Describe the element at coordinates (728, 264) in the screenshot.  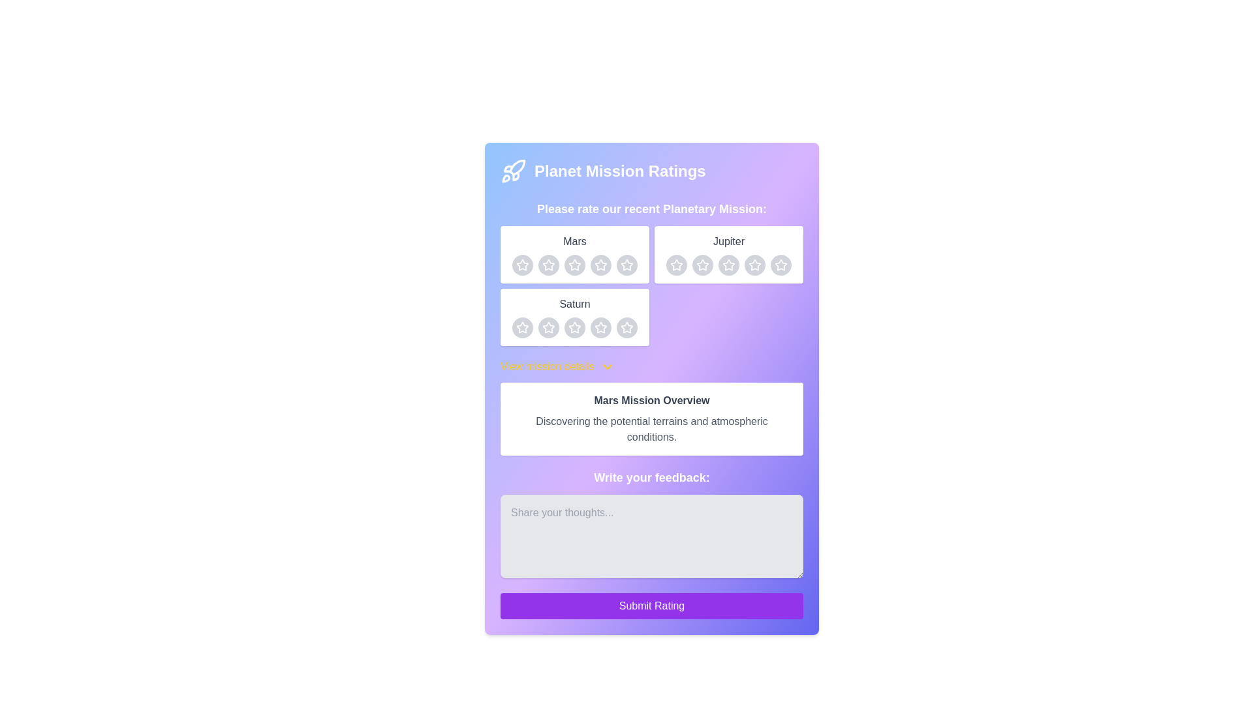
I see `the third star icon in the right column of the rating section labeled 'Jupiter' to rate it` at that location.